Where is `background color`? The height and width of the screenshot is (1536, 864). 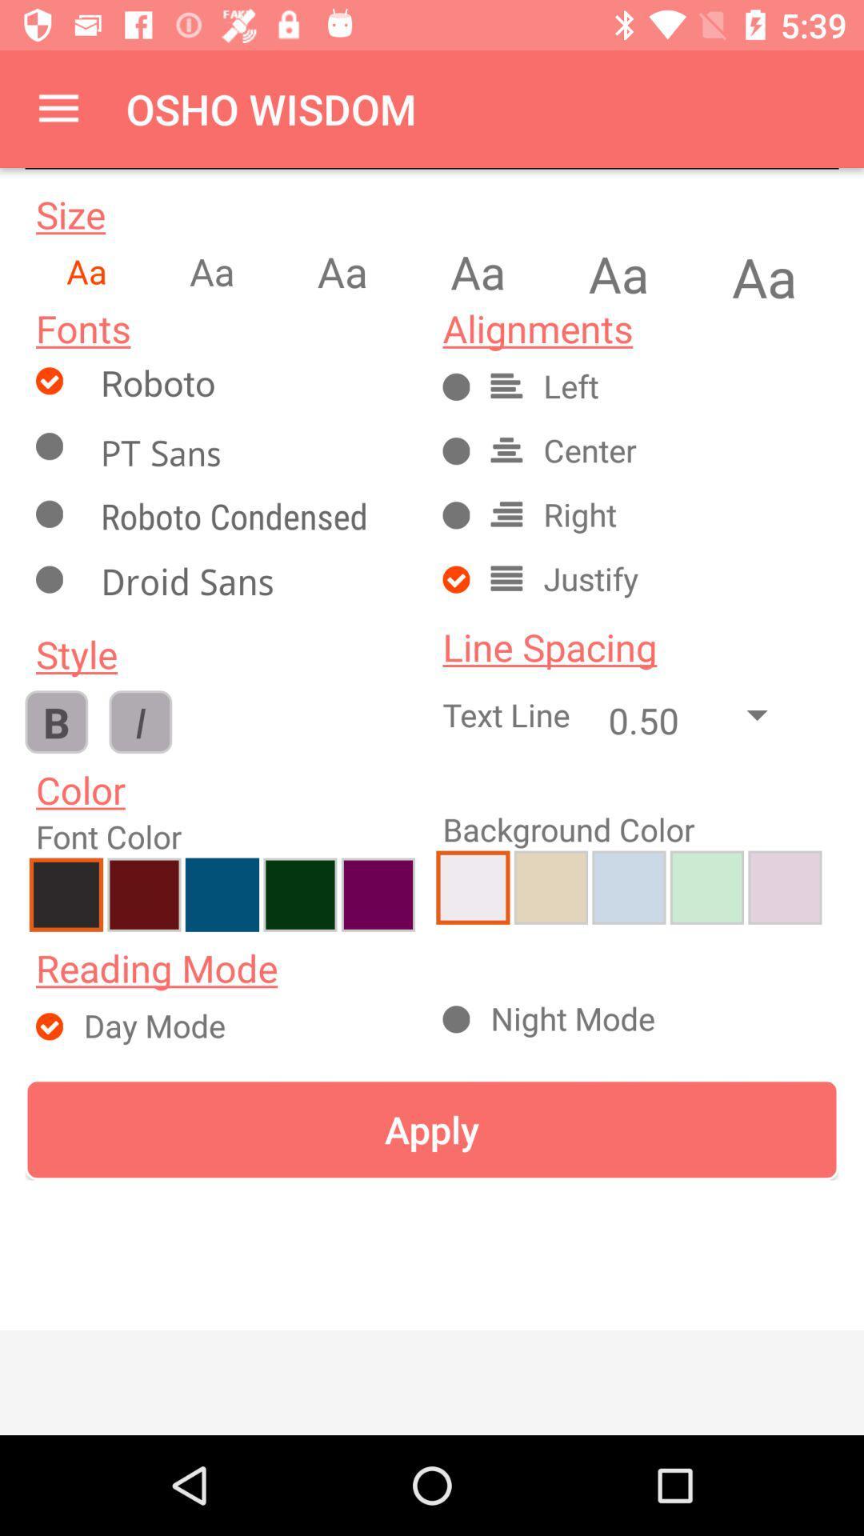
background color is located at coordinates (628, 886).